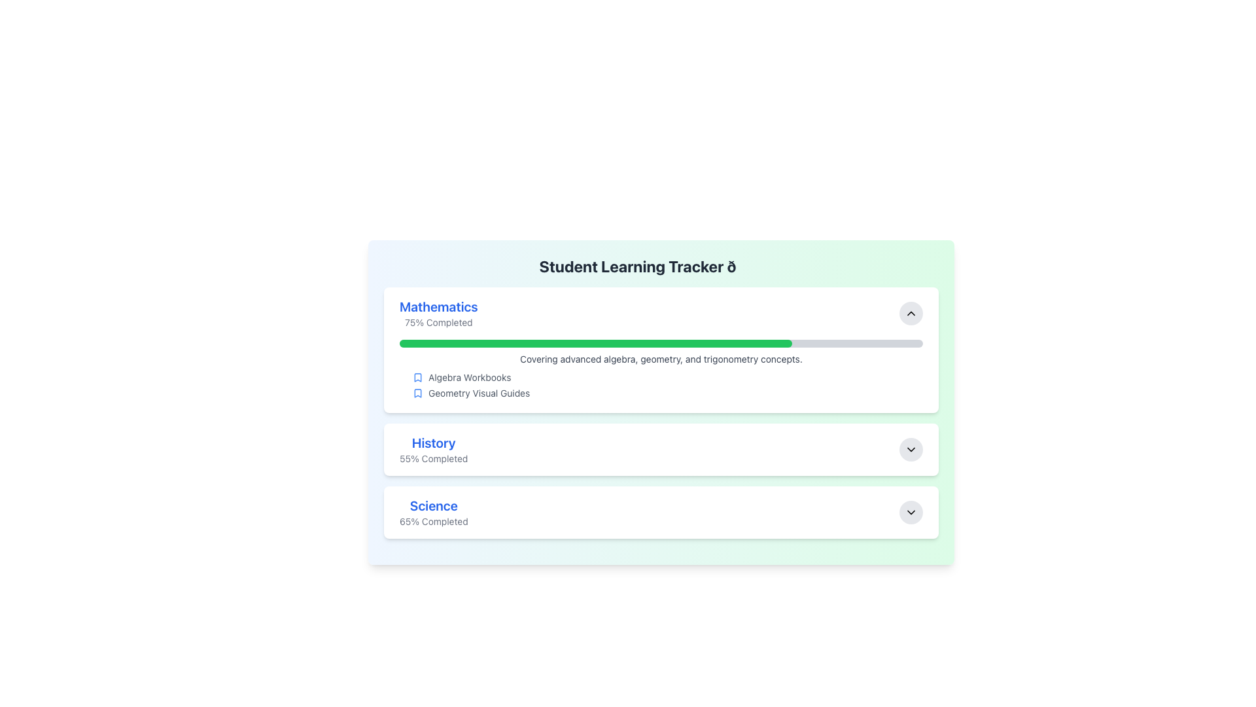 Image resolution: width=1256 pixels, height=707 pixels. What do you see at coordinates (910, 313) in the screenshot?
I see `the upward-facing chevron arrow icon button in the upper-right corner of the 'Mathematics' section` at bounding box center [910, 313].